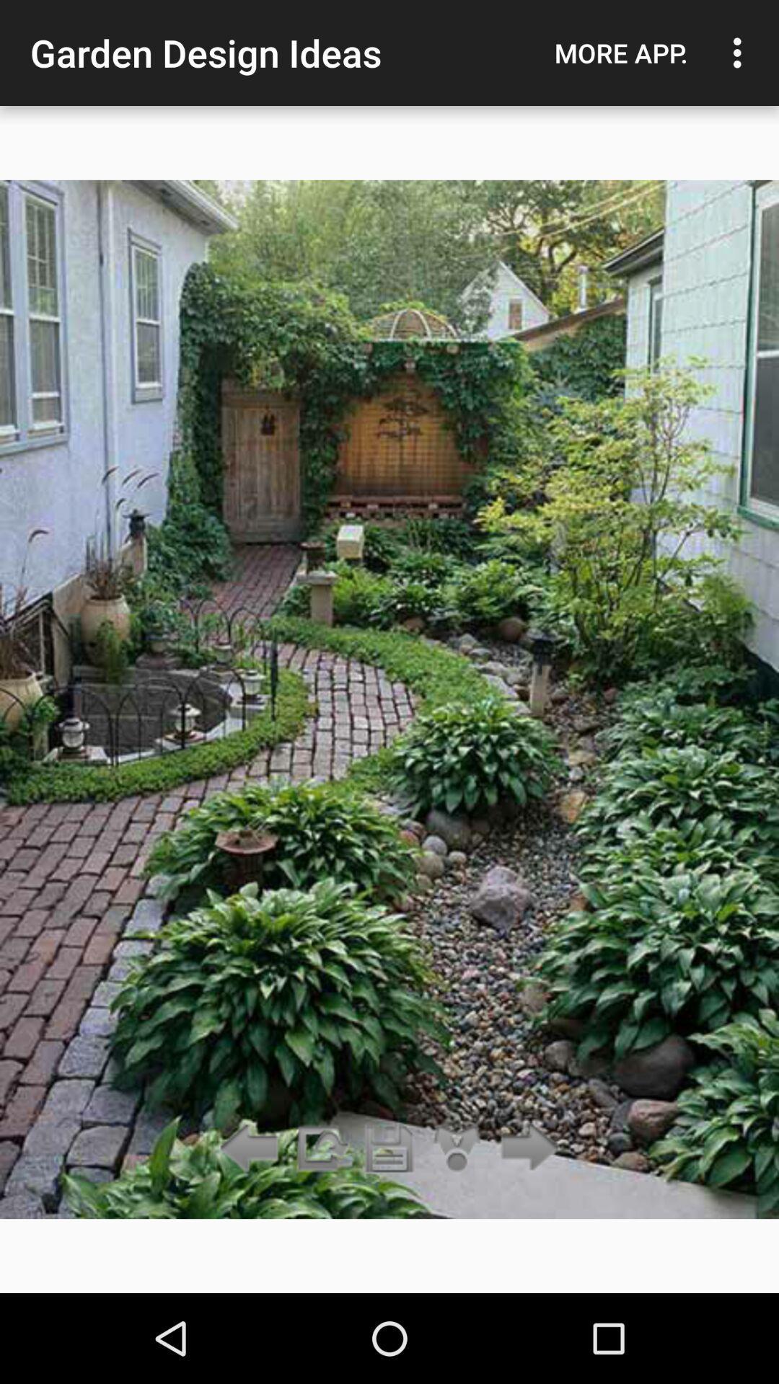  I want to click on next picture, so click(526, 1148).